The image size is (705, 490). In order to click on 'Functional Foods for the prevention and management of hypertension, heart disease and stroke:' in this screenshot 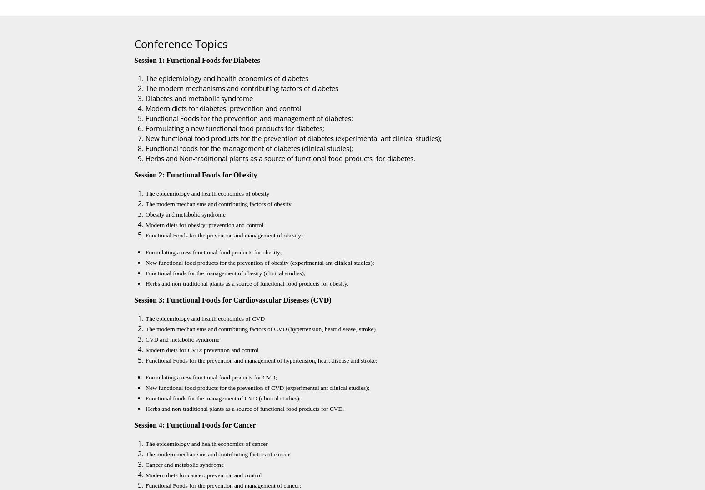, I will do `click(261, 360)`.